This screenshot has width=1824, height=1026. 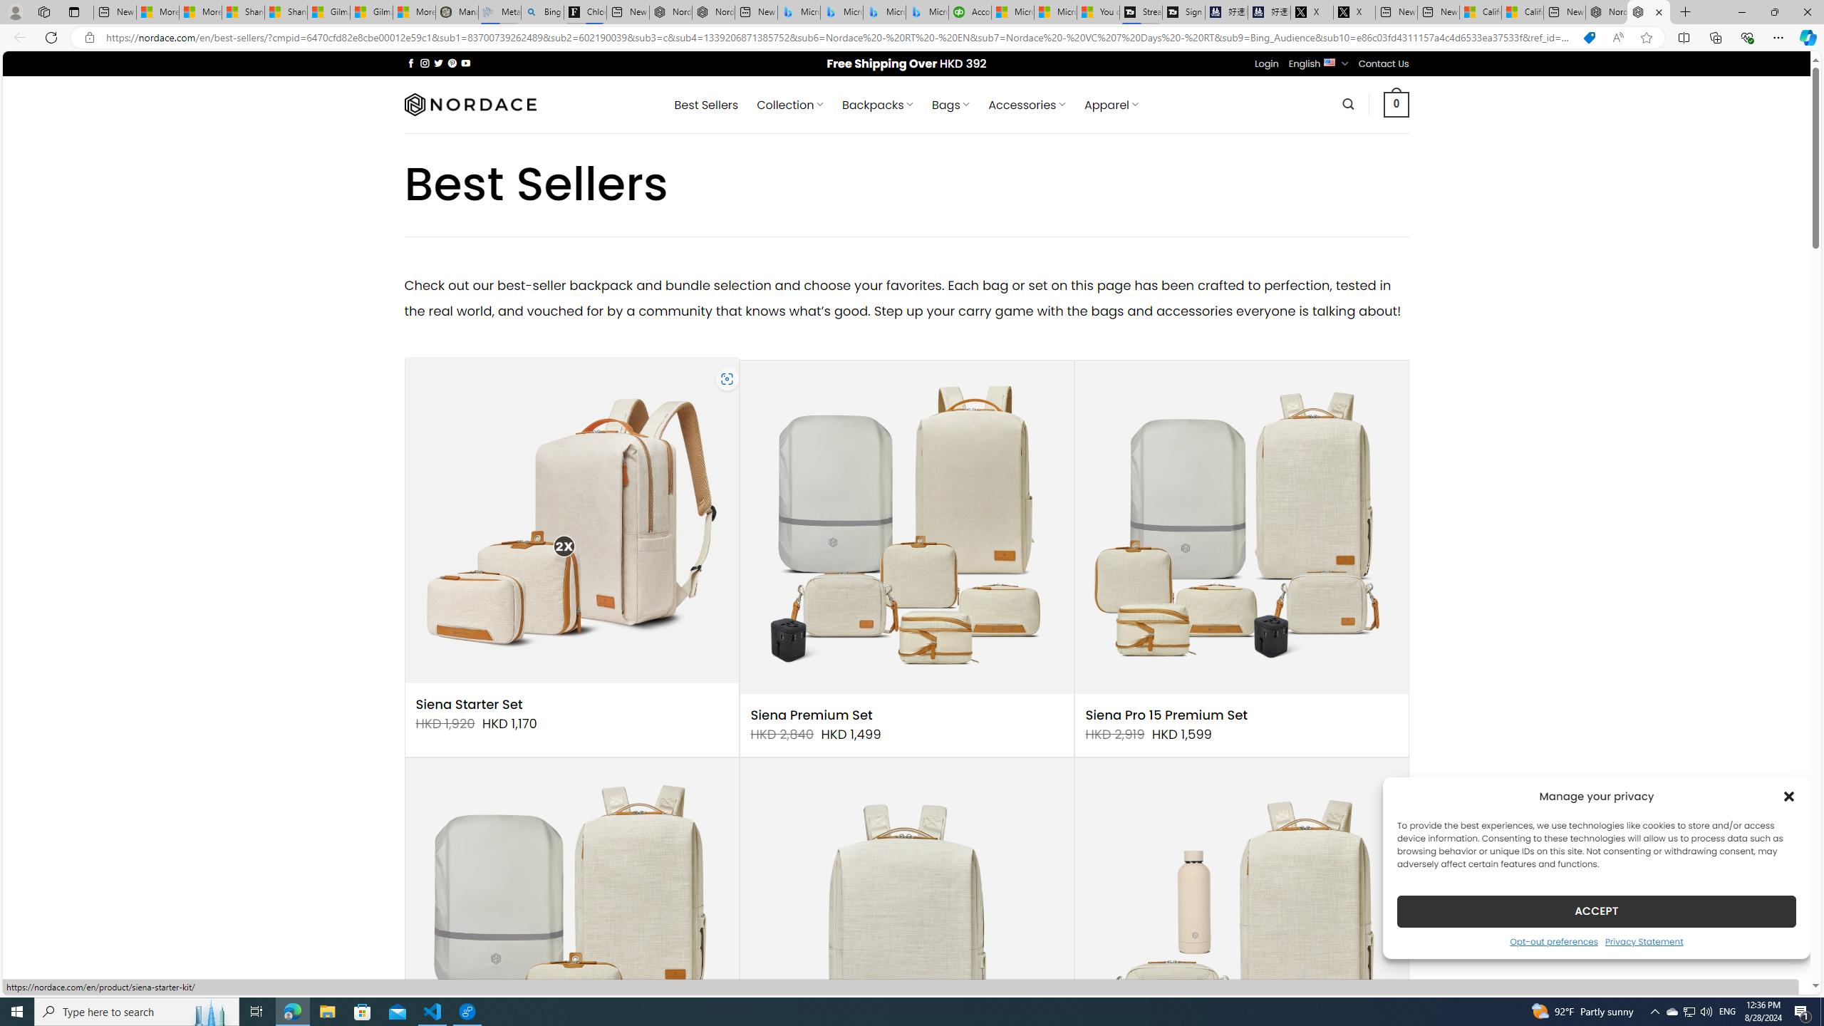 I want to click on 'Chloe Sorvino', so click(x=584, y=11).